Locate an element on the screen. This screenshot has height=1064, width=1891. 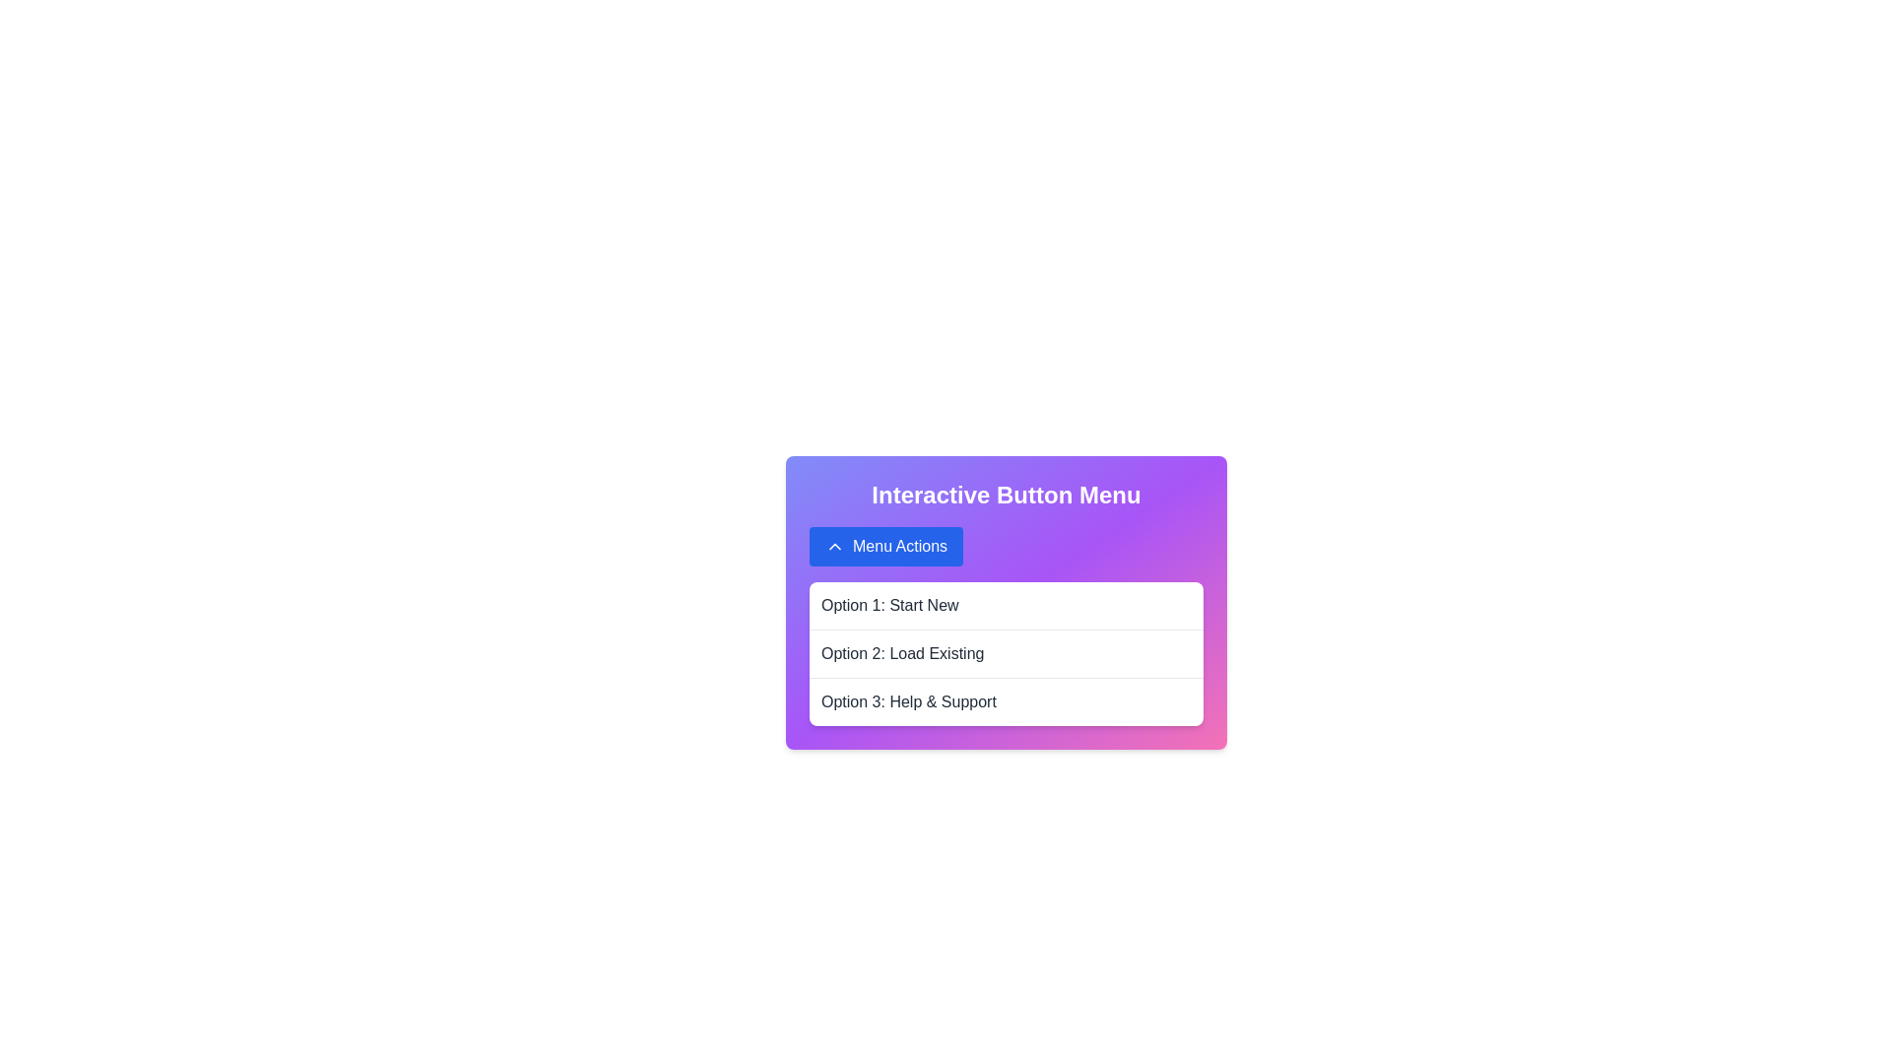
the options in the 'Interactive Button Menu' is located at coordinates (1007, 602).